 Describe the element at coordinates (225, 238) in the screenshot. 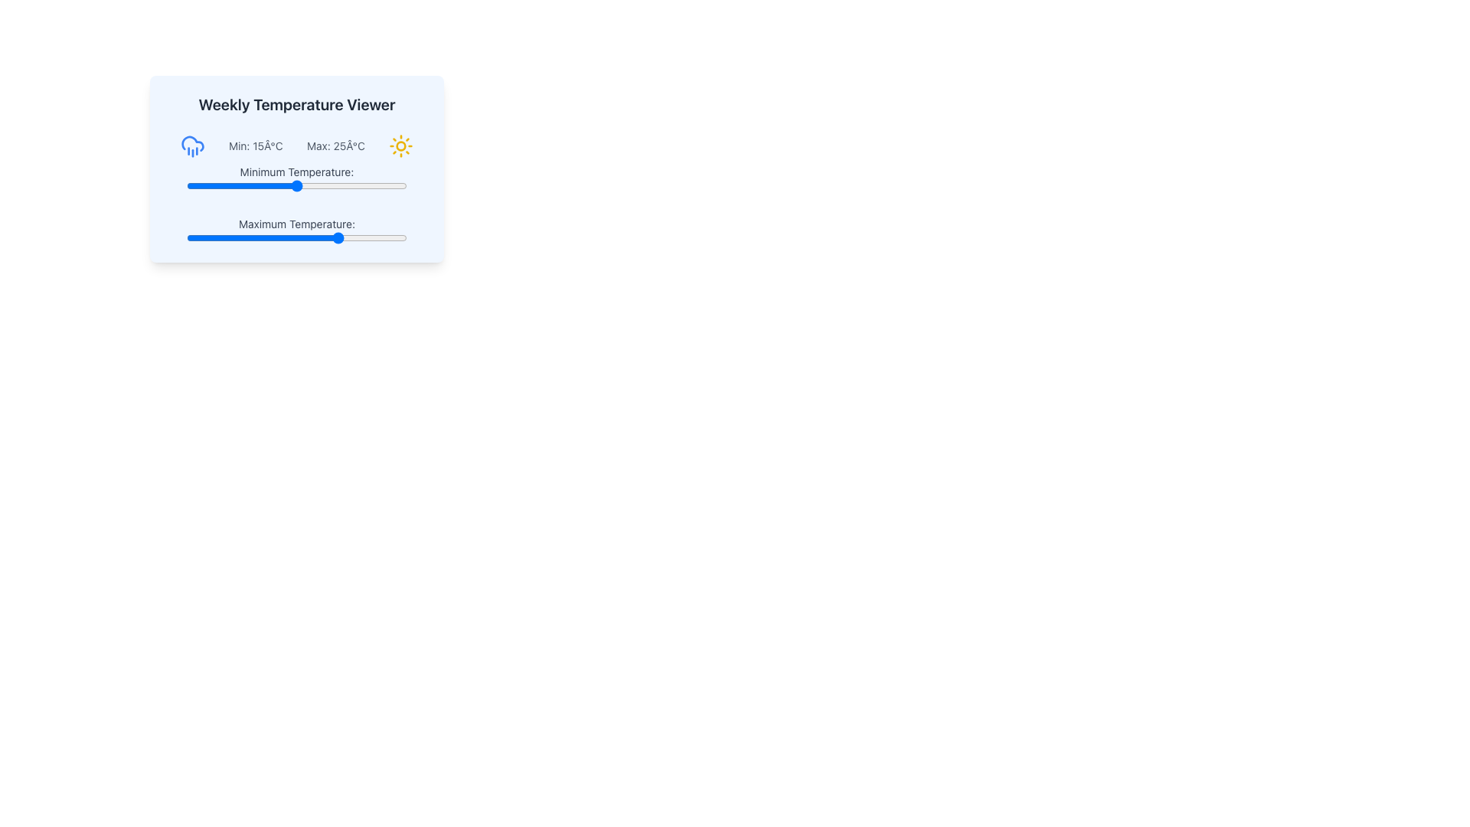

I see `the maximum temperature` at that location.